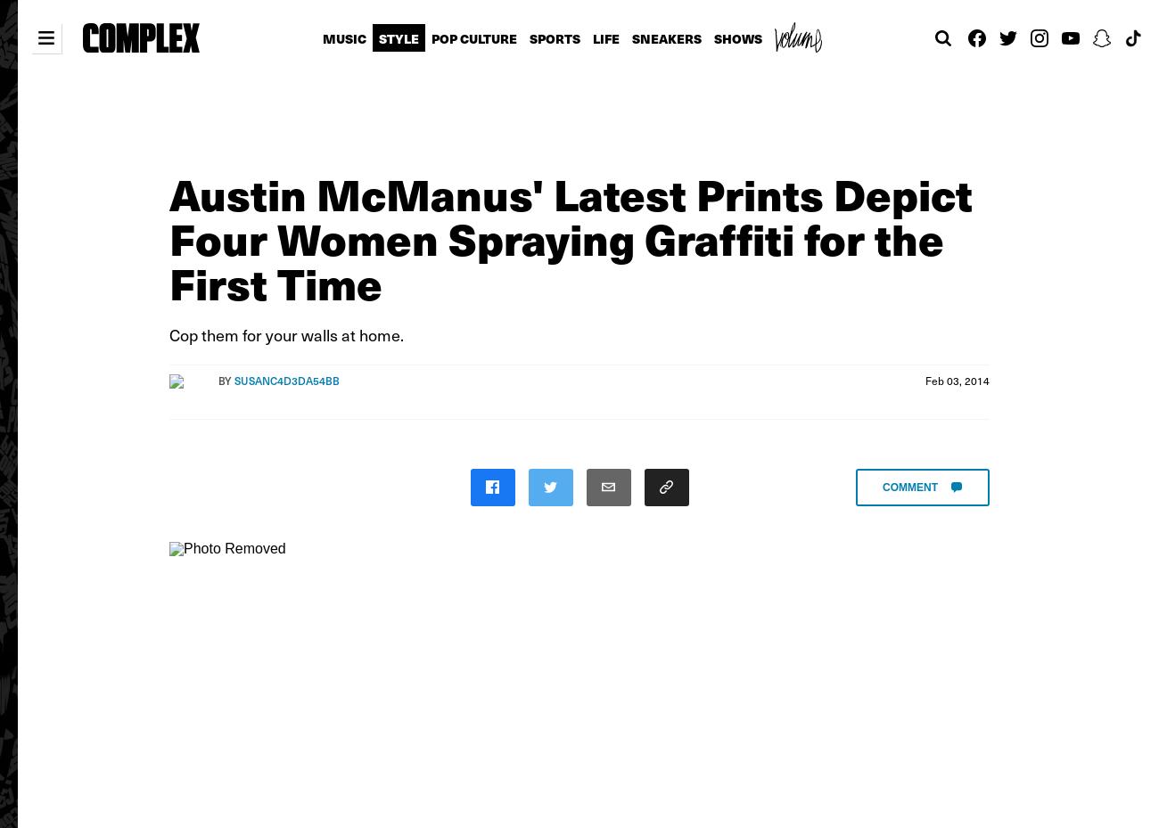  I want to click on 'Austin McManus' Latest Prints Depict Four Women Spraying Graffiti for the First Time', so click(571, 236).